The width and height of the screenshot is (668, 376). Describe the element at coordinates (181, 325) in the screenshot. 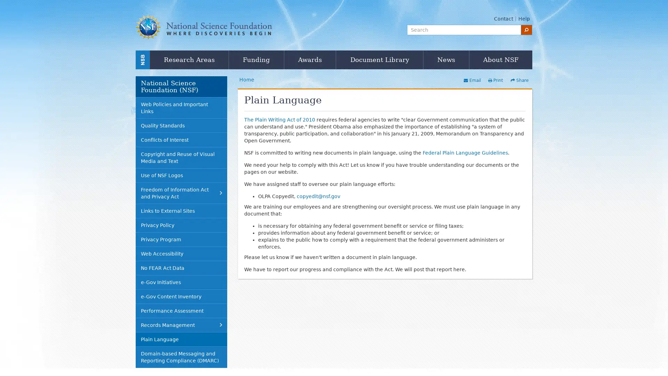

I see `Records Management` at that location.